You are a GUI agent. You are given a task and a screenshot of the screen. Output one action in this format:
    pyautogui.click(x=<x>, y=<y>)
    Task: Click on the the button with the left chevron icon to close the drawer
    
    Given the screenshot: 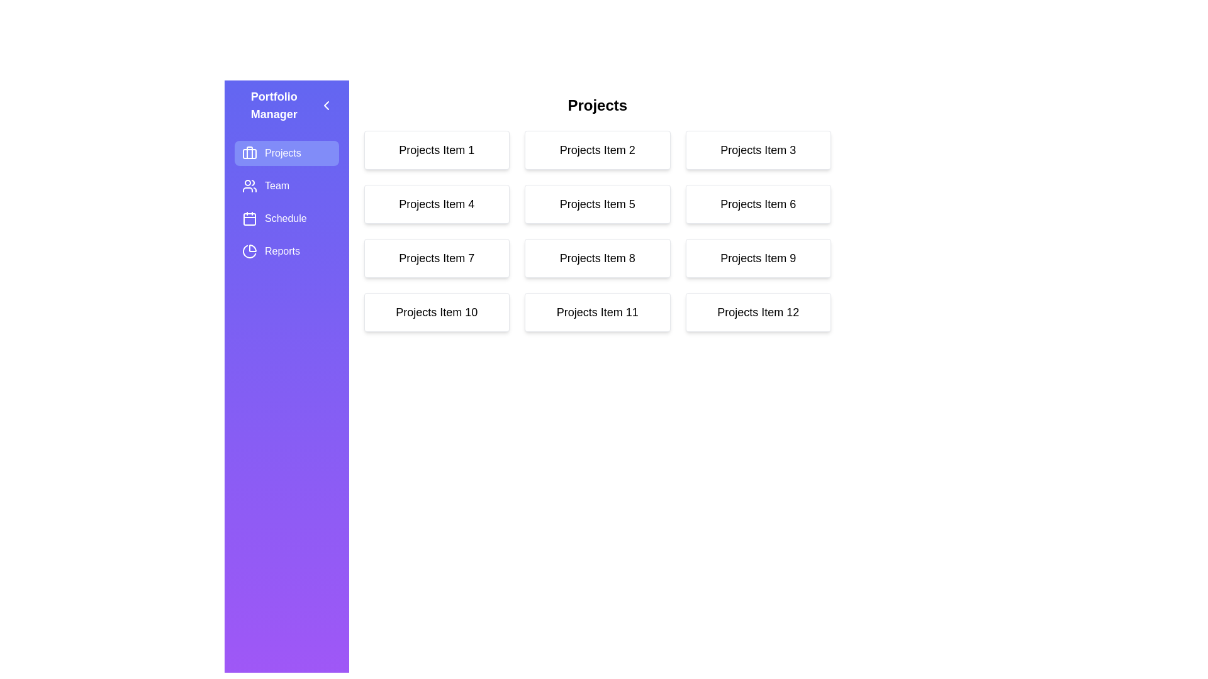 What is the action you would take?
    pyautogui.click(x=326, y=105)
    